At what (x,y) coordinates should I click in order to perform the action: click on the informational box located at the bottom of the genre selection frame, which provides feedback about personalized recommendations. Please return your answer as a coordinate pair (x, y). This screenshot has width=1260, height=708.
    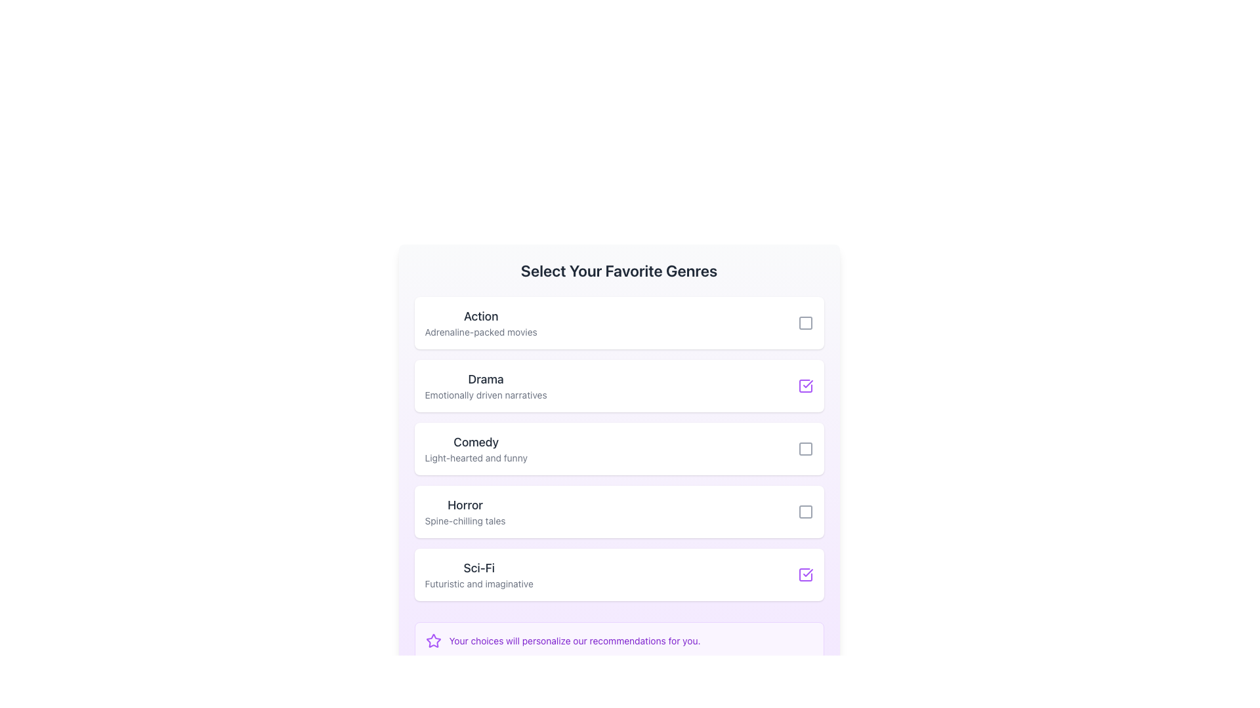
    Looking at the image, I should click on (618, 640).